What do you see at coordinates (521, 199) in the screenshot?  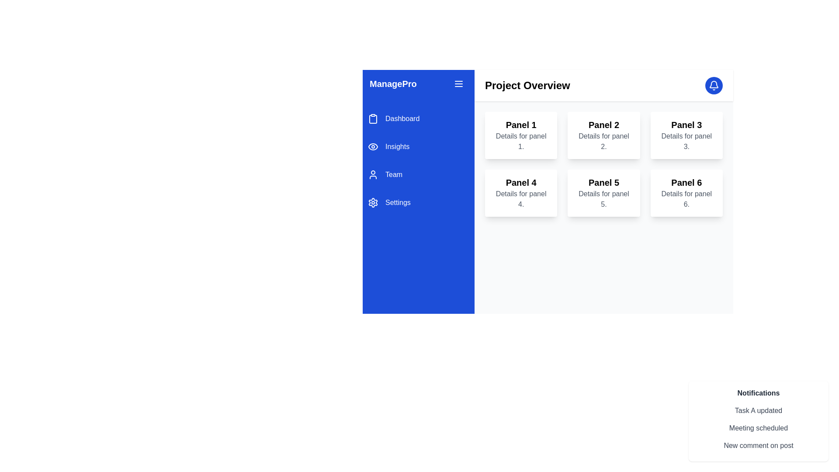 I see `the descriptive text label located in the bottom part of the card titled 'Panel 4', which is positioned in the second row, first column of the grid layout` at bounding box center [521, 199].